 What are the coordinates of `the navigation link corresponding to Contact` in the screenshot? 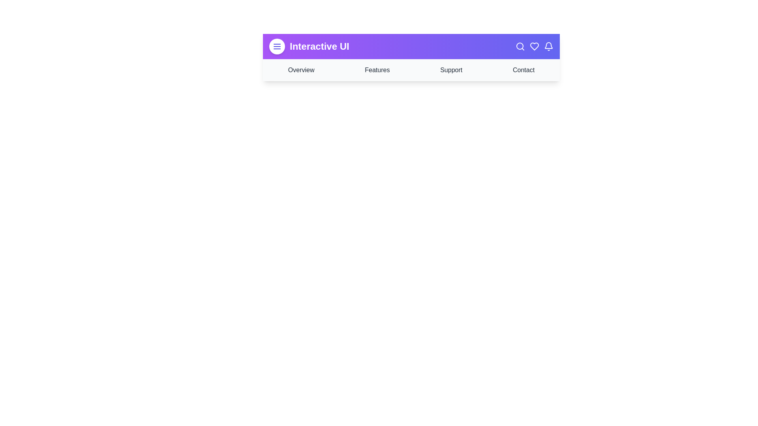 It's located at (523, 69).